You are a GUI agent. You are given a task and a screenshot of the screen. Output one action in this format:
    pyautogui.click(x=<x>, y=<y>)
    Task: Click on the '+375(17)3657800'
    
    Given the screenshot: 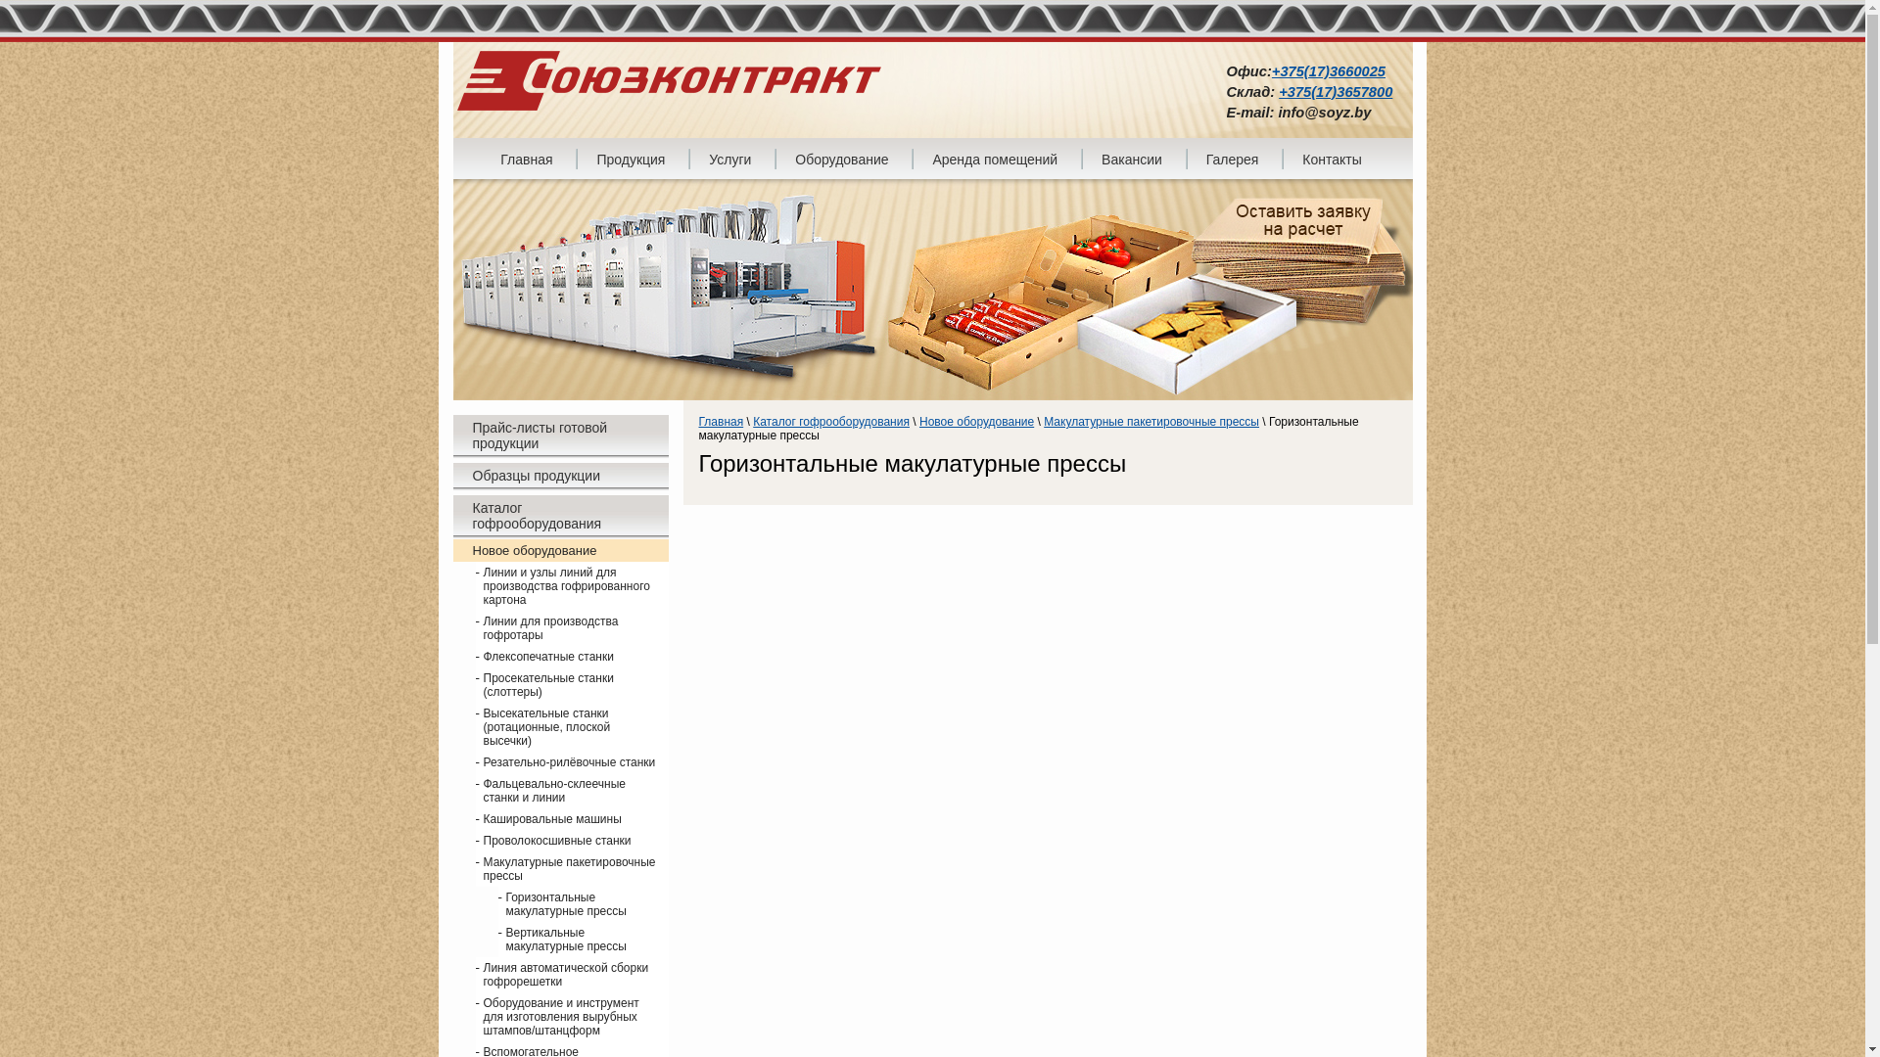 What is the action you would take?
    pyautogui.click(x=1278, y=91)
    